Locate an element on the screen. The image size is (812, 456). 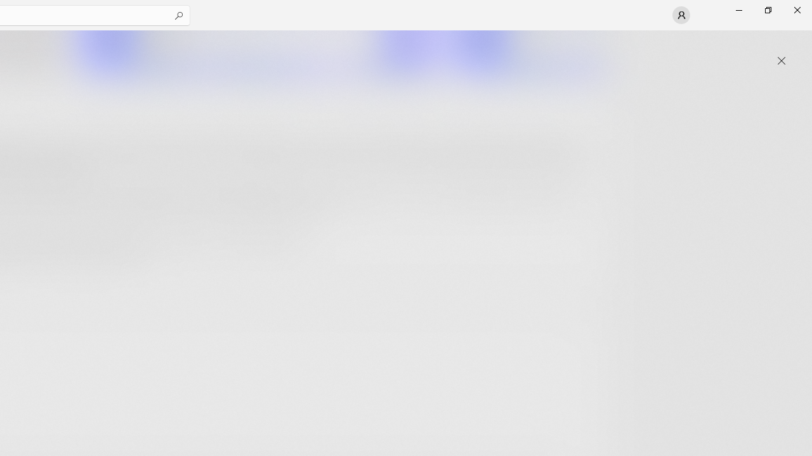
'Minimize Microsoft Store' is located at coordinates (738, 9).